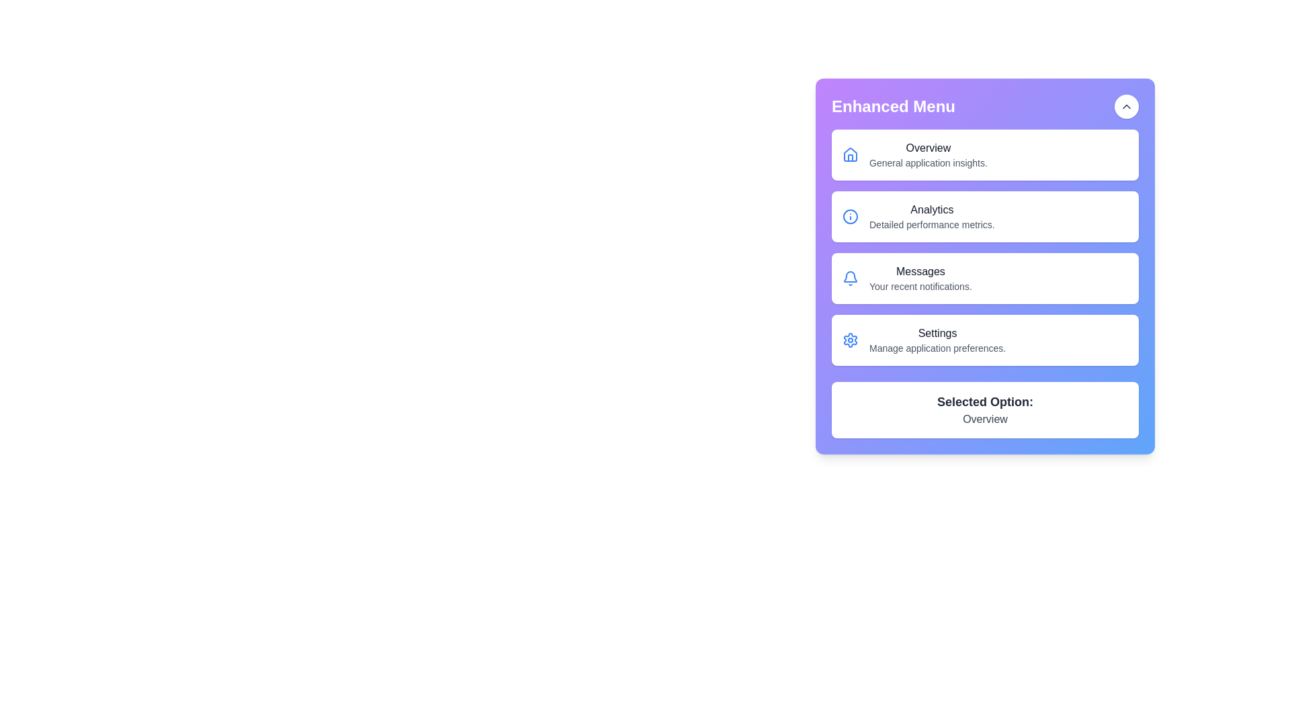  I want to click on the 'Overview' menu item with the description 'General application insights.', so click(928, 154).